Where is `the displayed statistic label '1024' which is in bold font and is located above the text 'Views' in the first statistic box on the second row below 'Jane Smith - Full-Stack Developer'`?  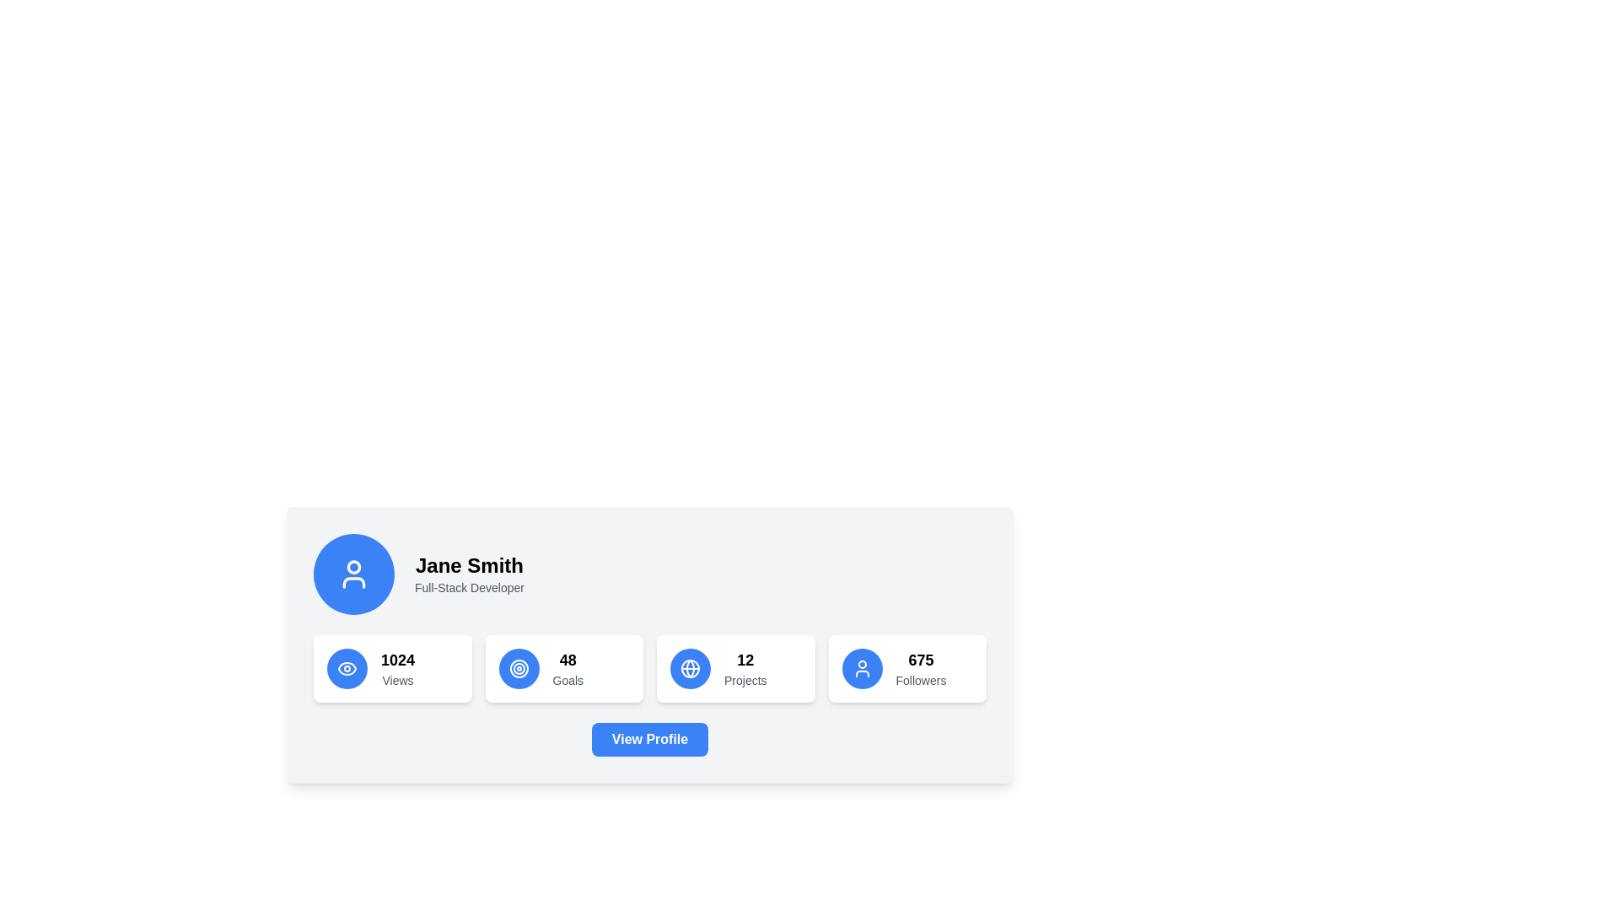 the displayed statistic label '1024' which is in bold font and is located above the text 'Views' in the first statistic box on the second row below 'Jane Smith - Full-Stack Developer' is located at coordinates (396, 660).